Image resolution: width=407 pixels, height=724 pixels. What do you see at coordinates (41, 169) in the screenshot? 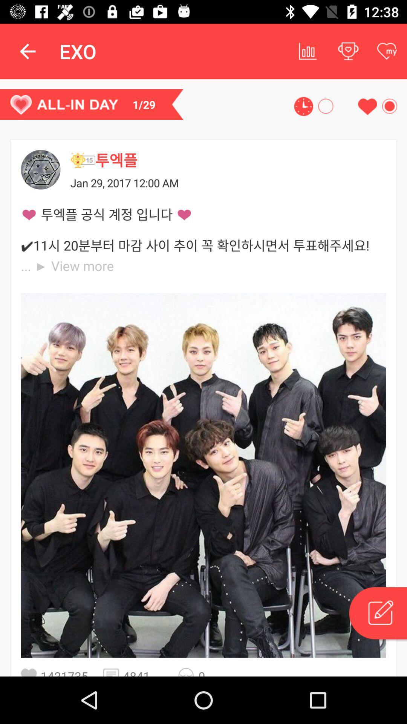
I see `profile` at bounding box center [41, 169].